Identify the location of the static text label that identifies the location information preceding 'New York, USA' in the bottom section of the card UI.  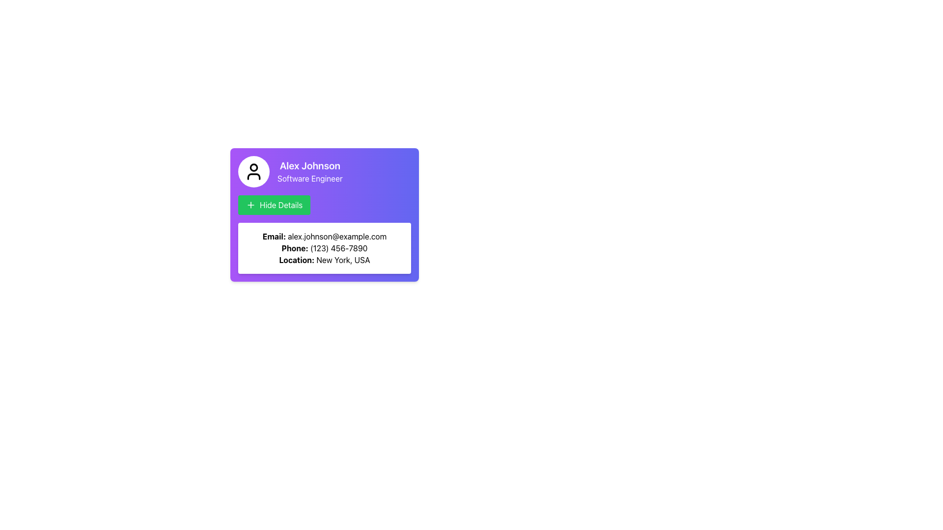
(296, 259).